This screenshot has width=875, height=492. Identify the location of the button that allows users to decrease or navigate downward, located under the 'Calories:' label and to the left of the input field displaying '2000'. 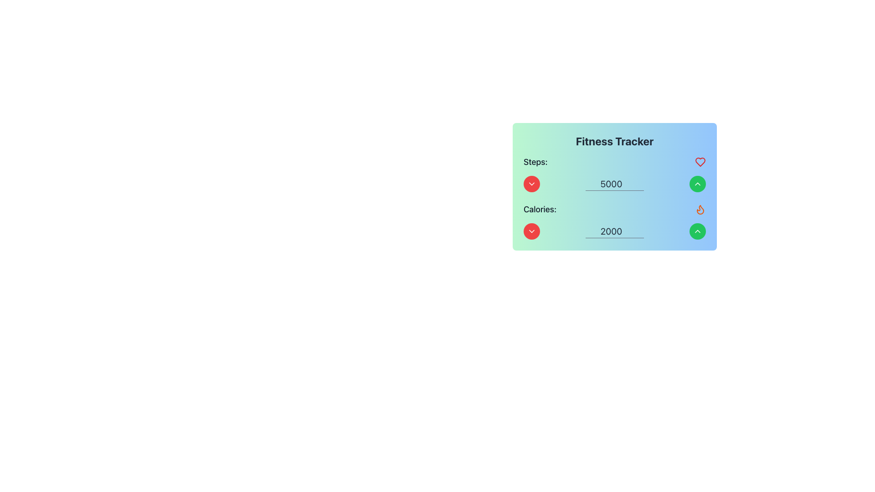
(531, 231).